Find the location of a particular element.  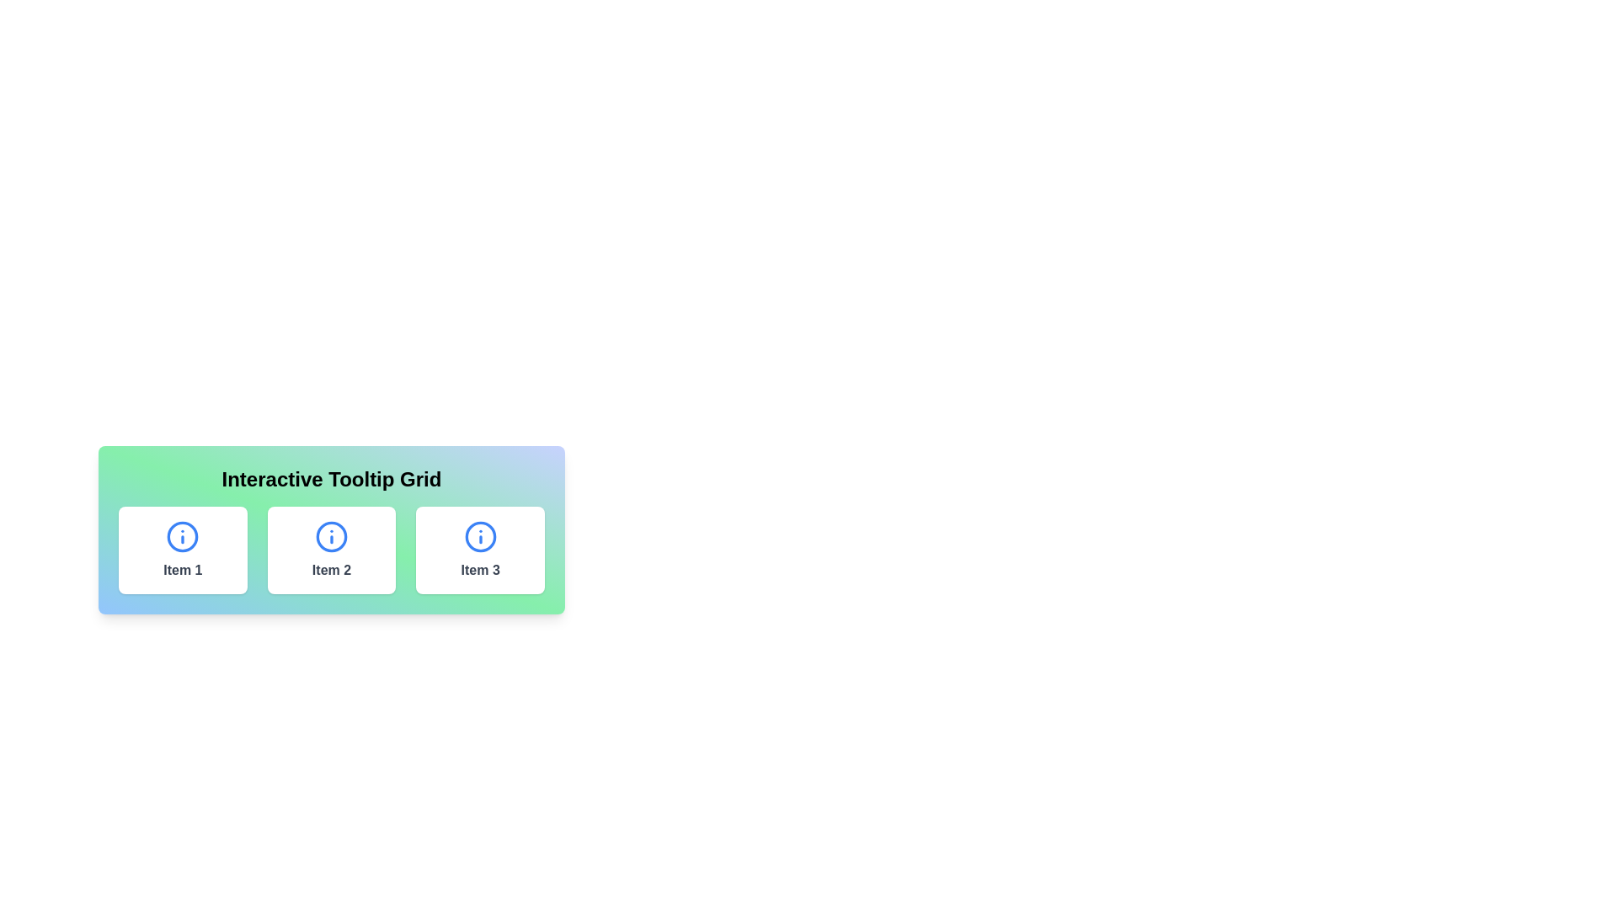

text displayed in the bold, large font label 'Interactive Tooltip Grid' located at the top of the panel is located at coordinates (331, 480).